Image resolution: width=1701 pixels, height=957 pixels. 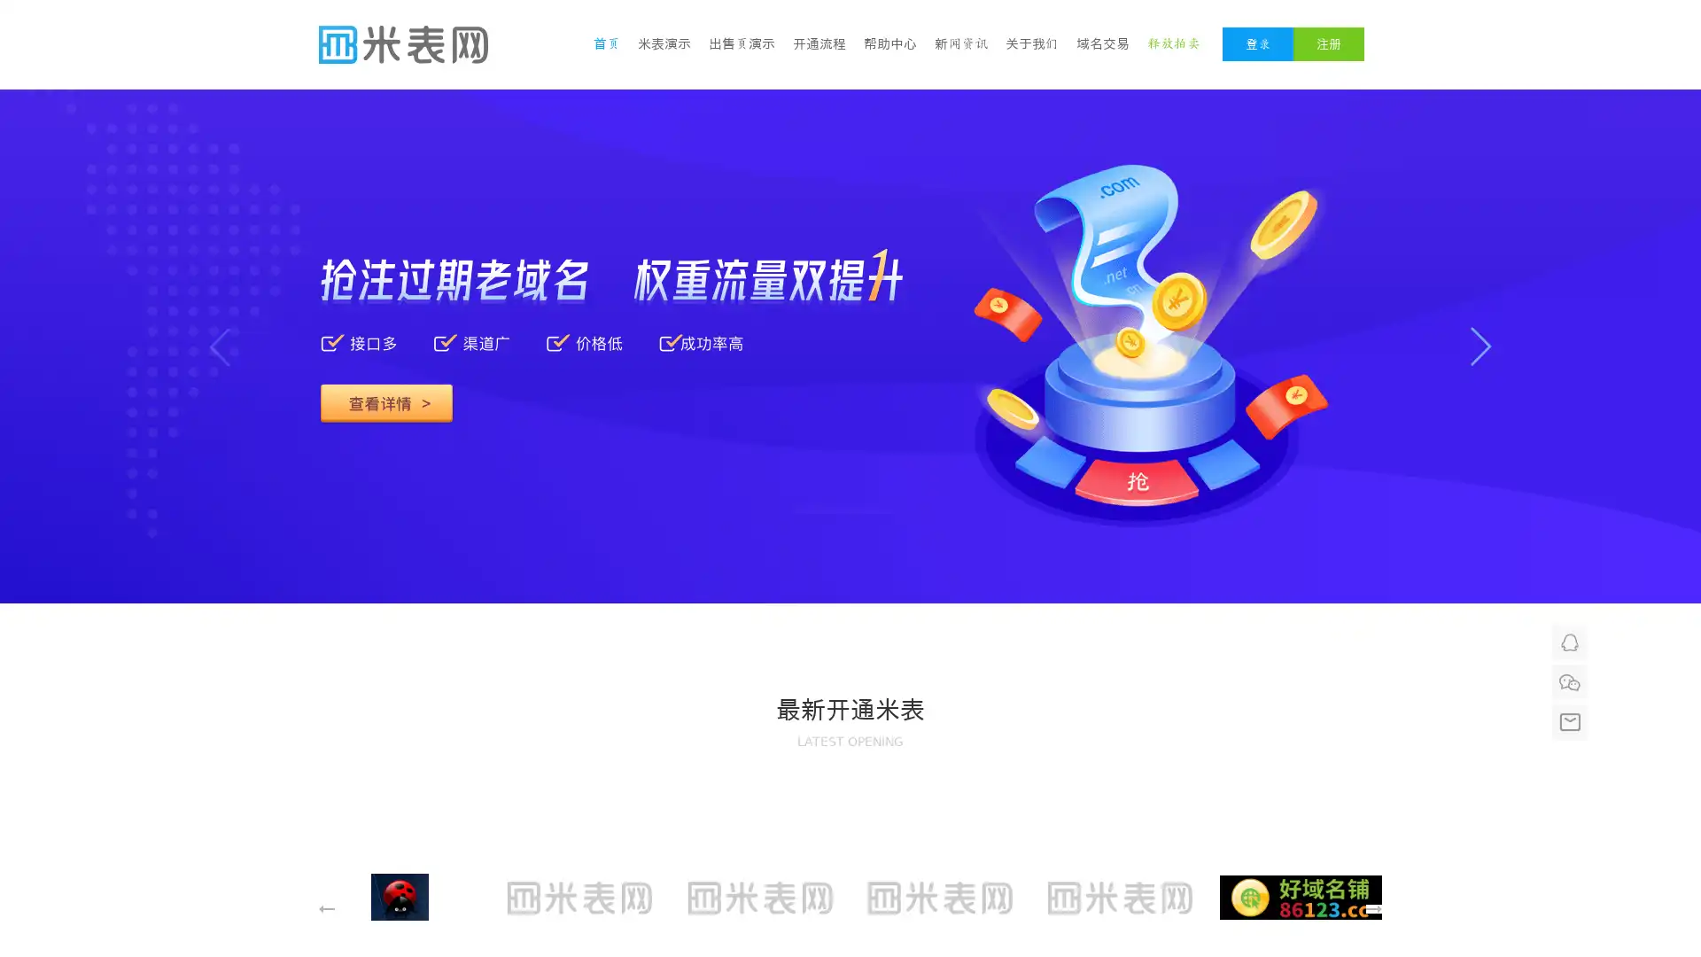 I want to click on Previous slide, so click(x=219, y=346).